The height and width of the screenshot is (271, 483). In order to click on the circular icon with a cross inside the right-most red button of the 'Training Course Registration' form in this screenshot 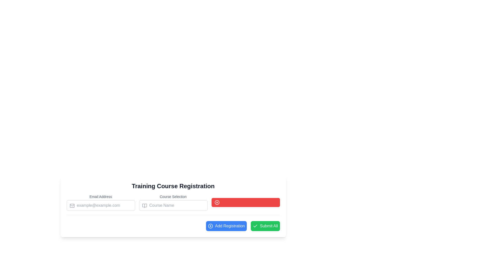, I will do `click(217, 202)`.